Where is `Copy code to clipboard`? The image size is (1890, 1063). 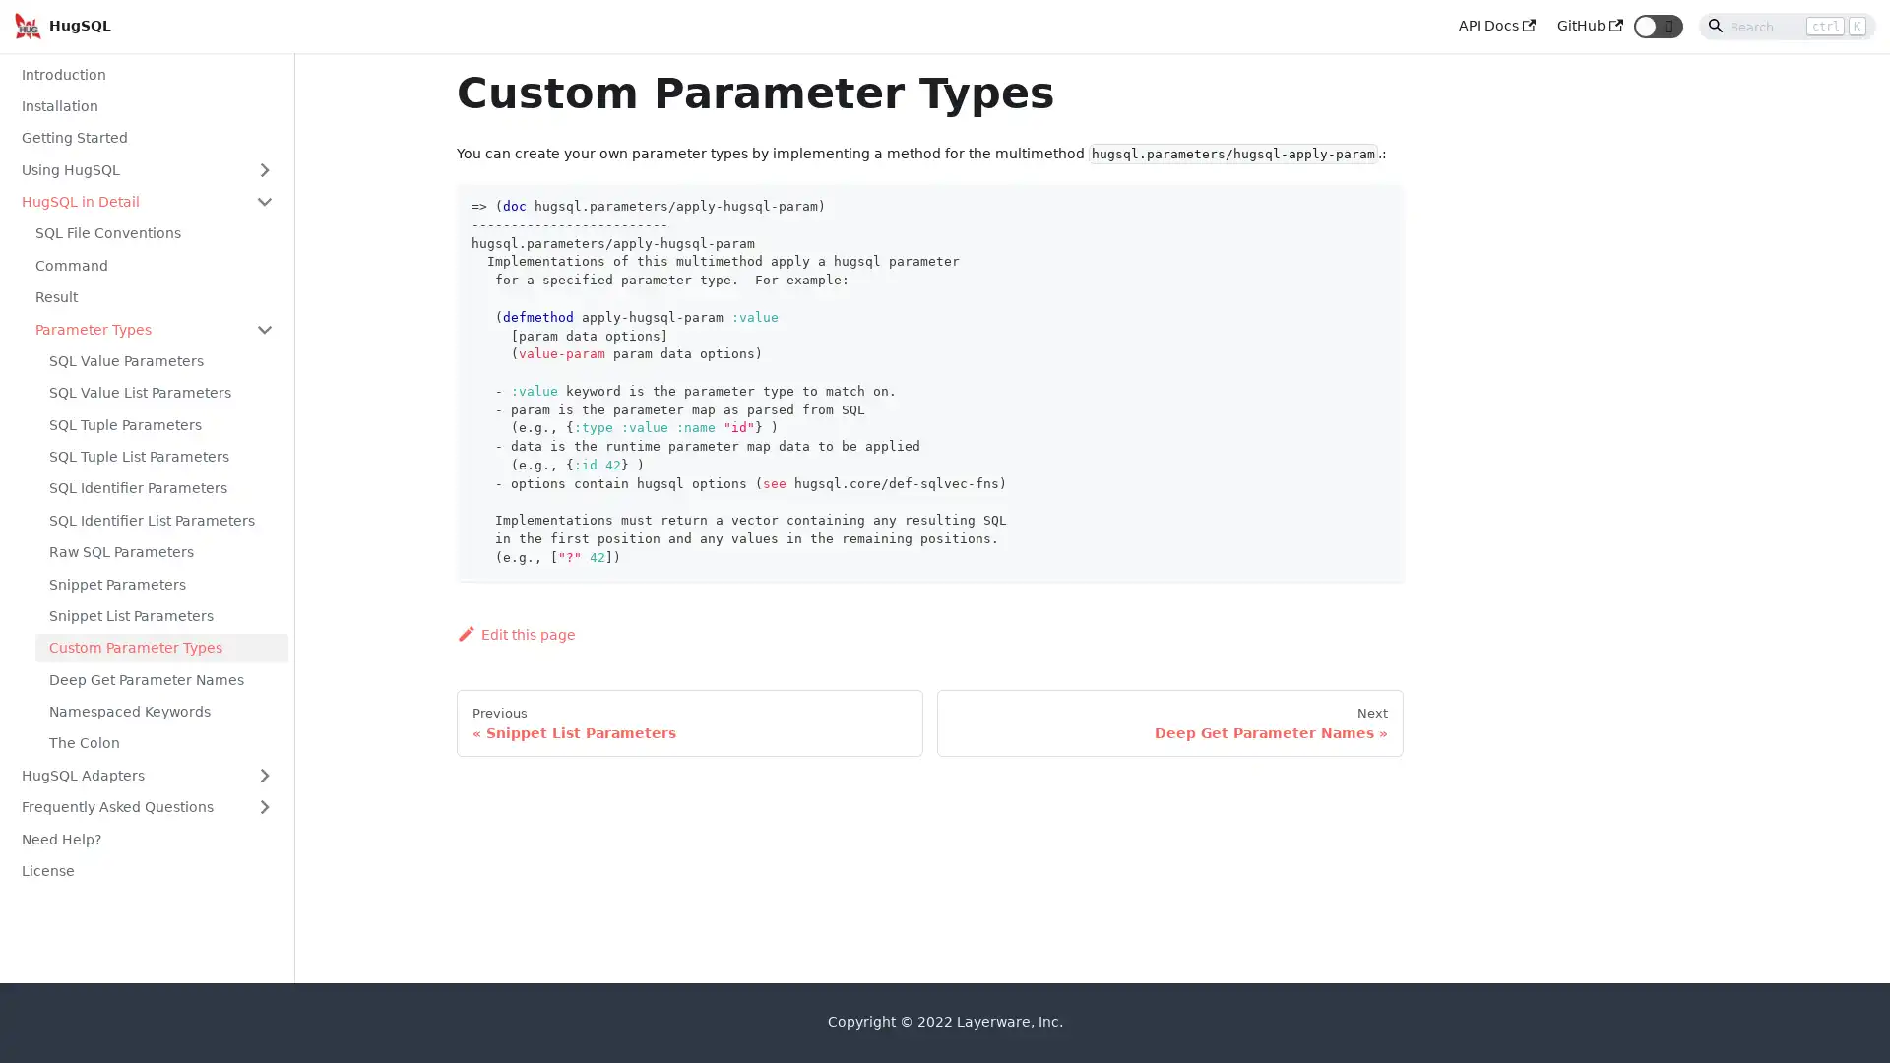
Copy code to clipboard is located at coordinates (1371, 203).